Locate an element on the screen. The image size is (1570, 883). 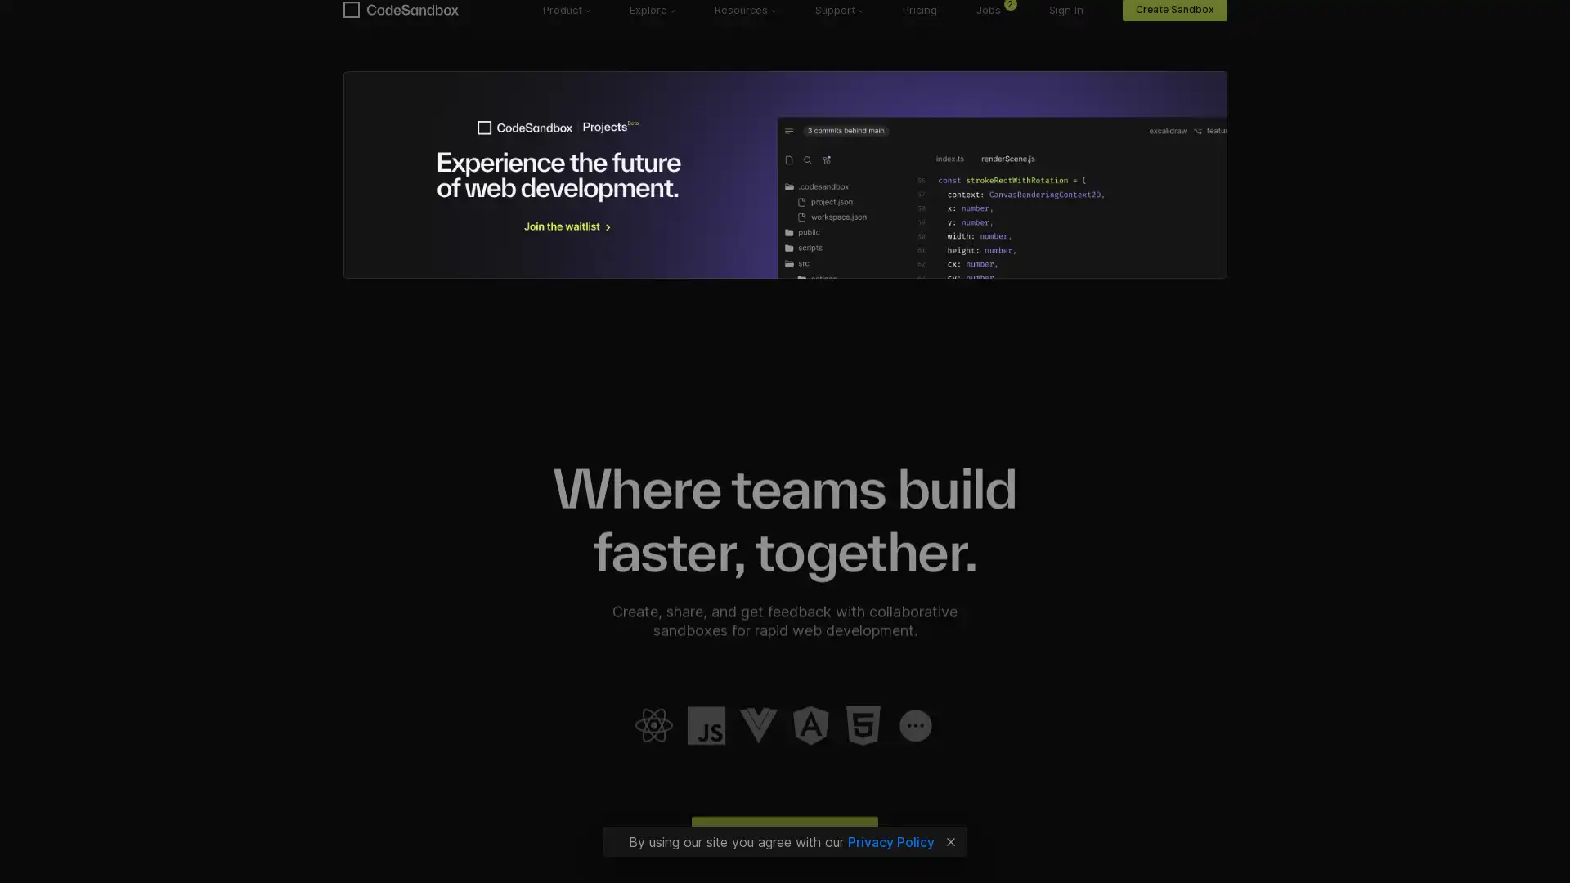
Product is located at coordinates (565, 19).